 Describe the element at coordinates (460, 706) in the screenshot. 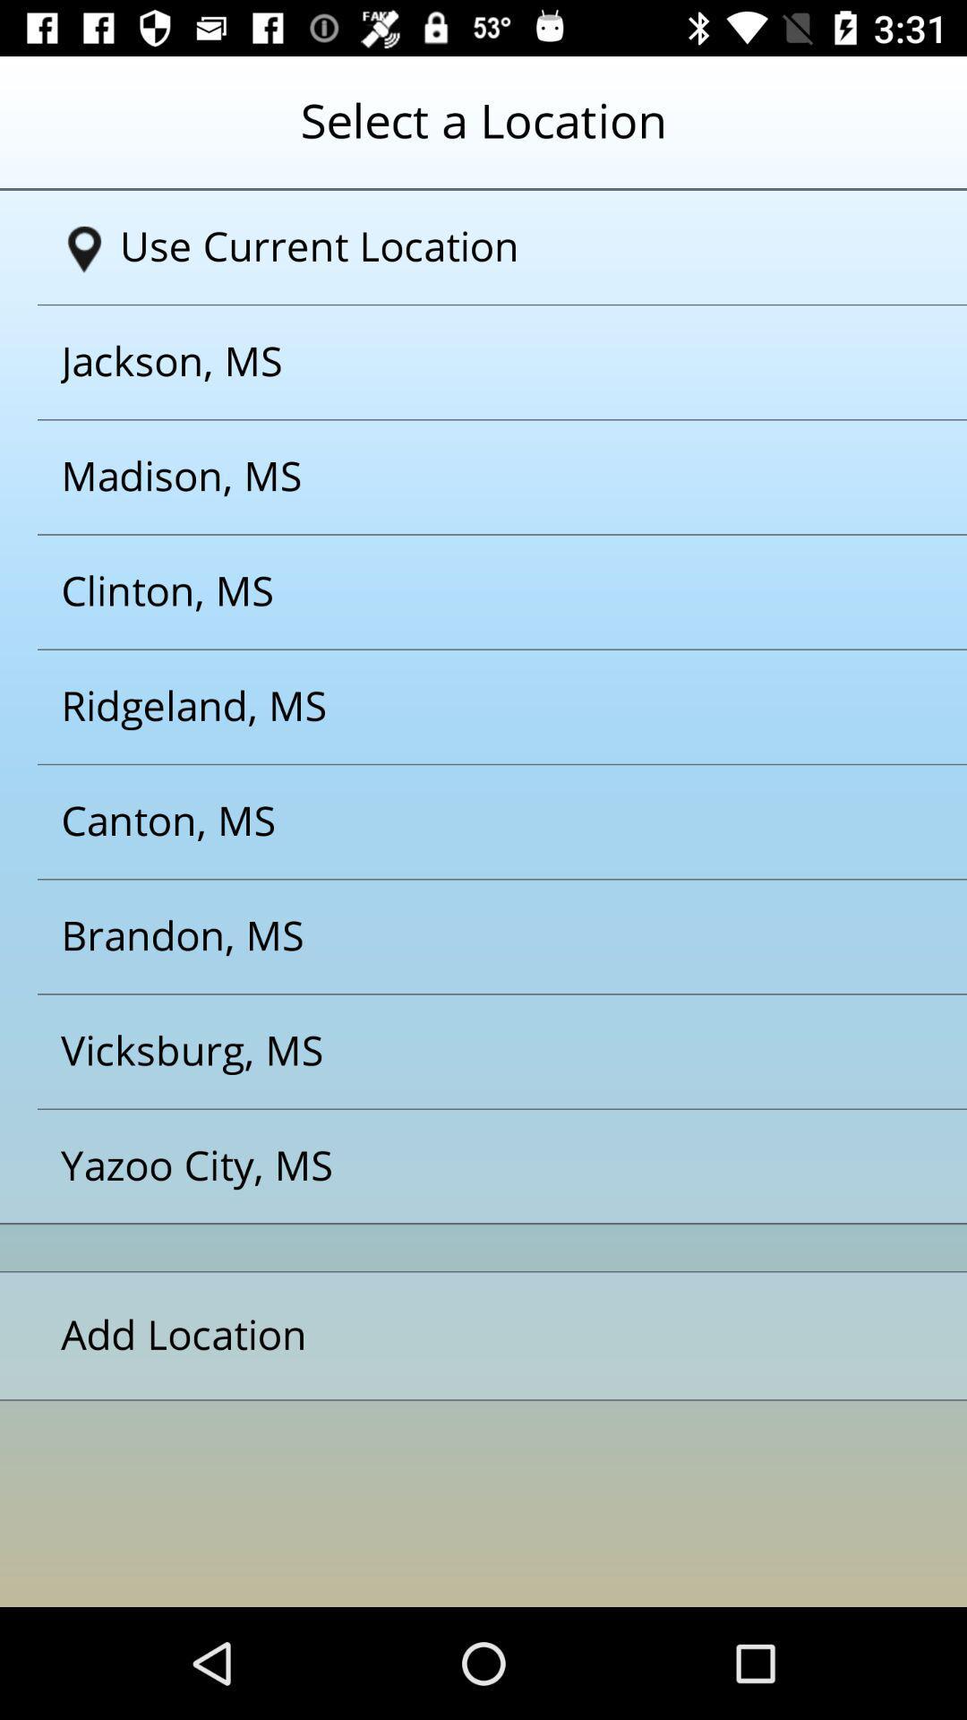

I see `the fourth option under use current location` at that location.